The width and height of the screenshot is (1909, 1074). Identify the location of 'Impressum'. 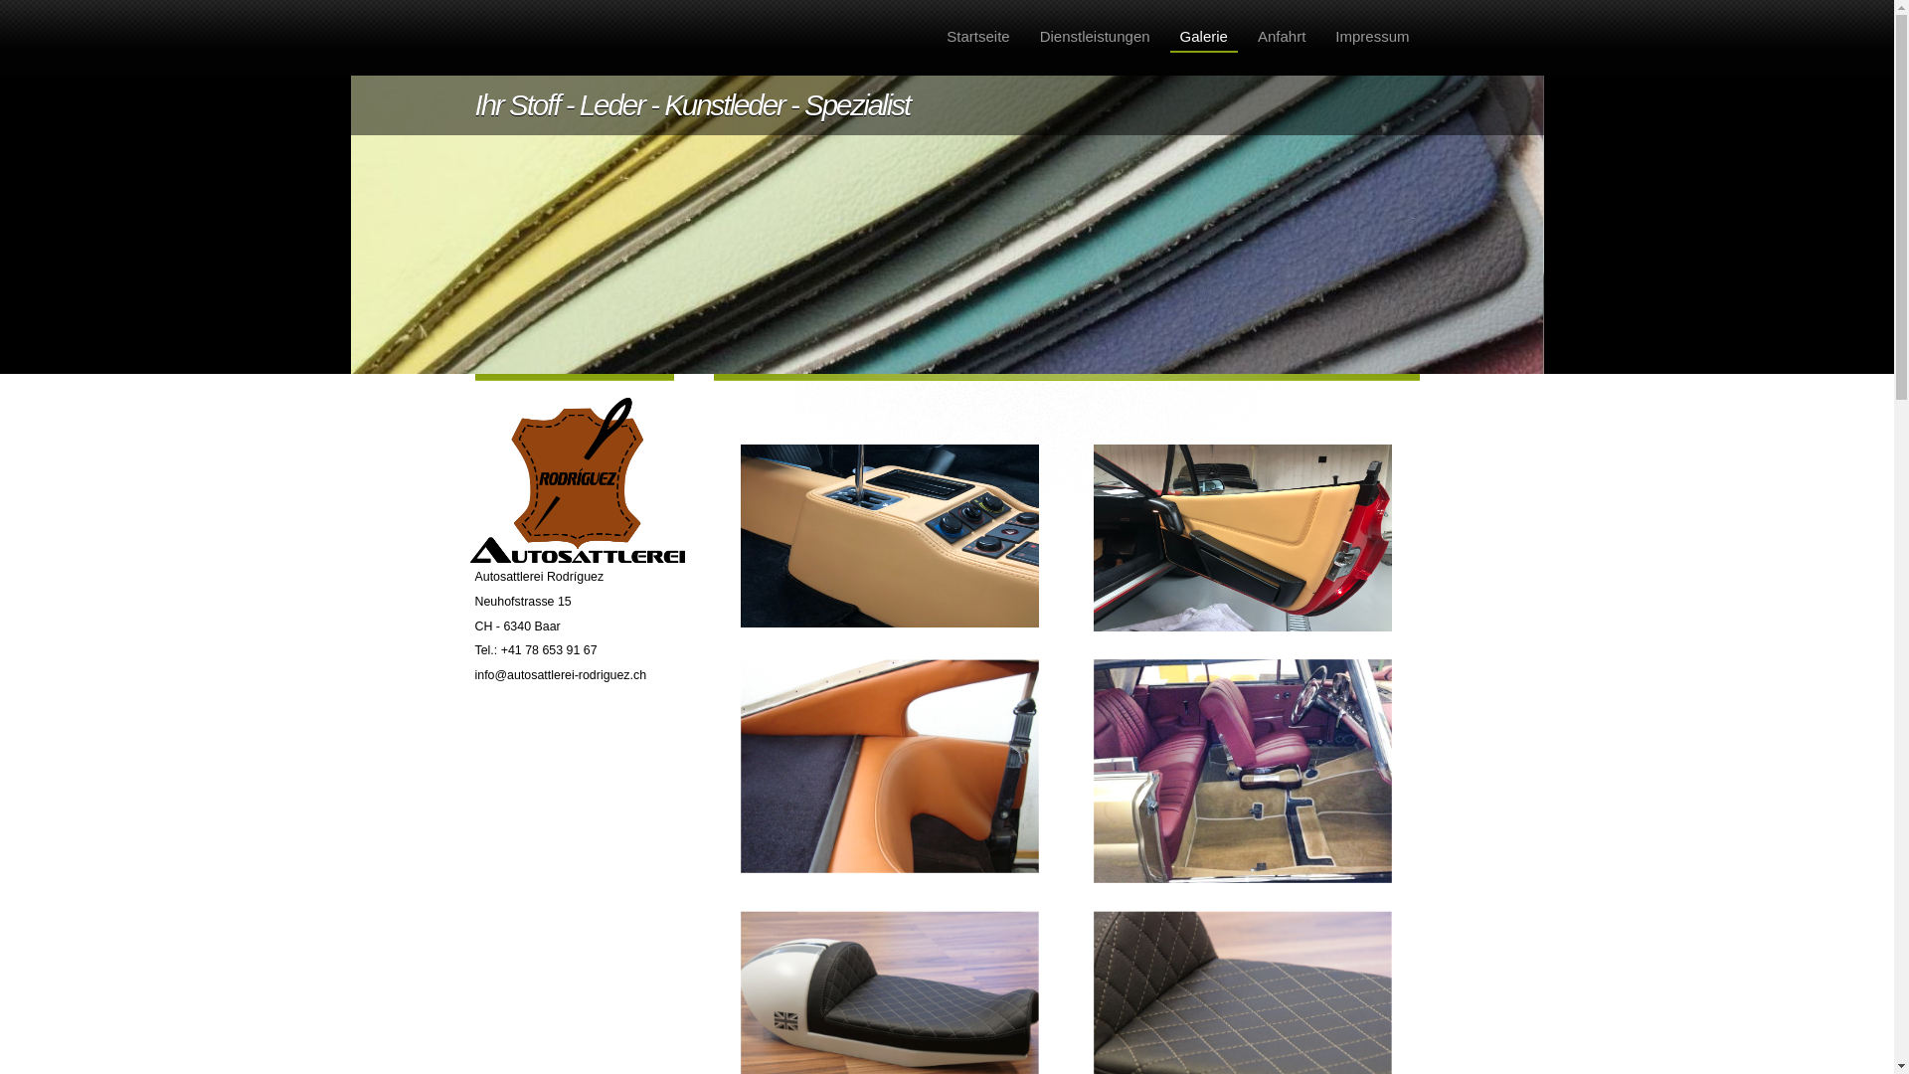
(1371, 37).